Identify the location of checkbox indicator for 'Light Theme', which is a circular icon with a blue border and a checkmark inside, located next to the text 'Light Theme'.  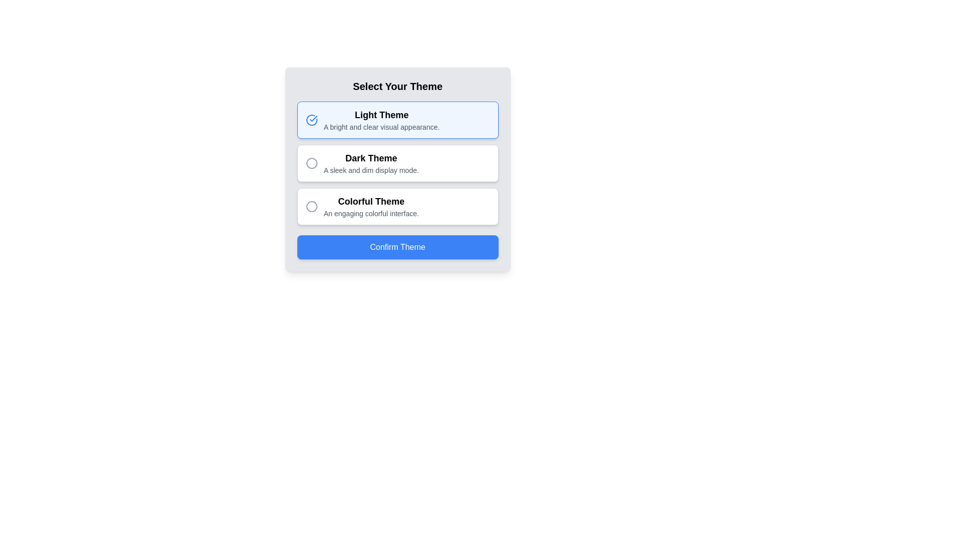
(311, 120).